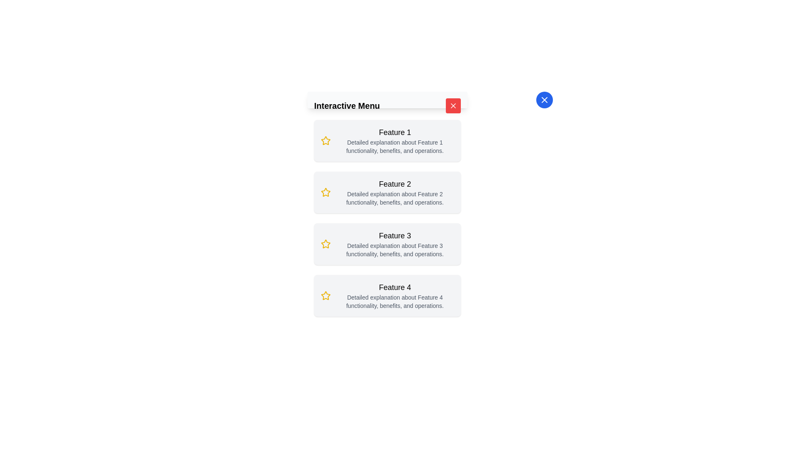 The image size is (800, 450). Describe the element at coordinates (325, 192) in the screenshot. I see `the yellow star icon that represents a rating for 'Feature 2', located to the extreme left of the title text` at that location.